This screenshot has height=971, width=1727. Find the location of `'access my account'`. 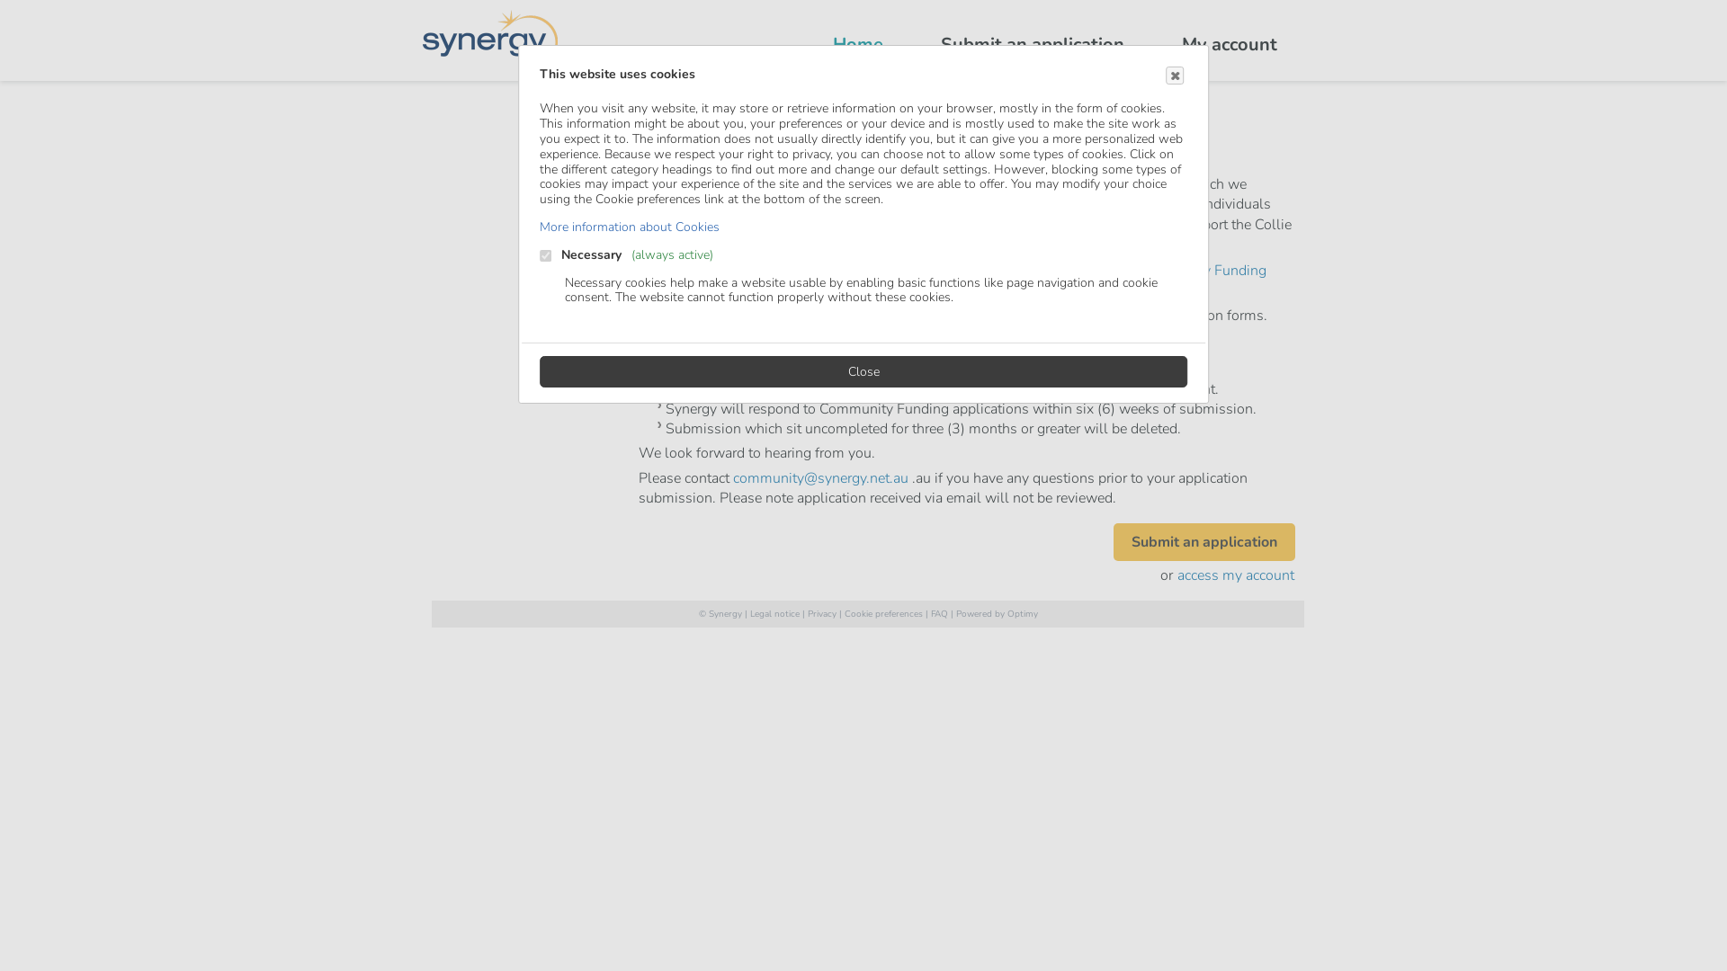

'access my account' is located at coordinates (1234, 575).